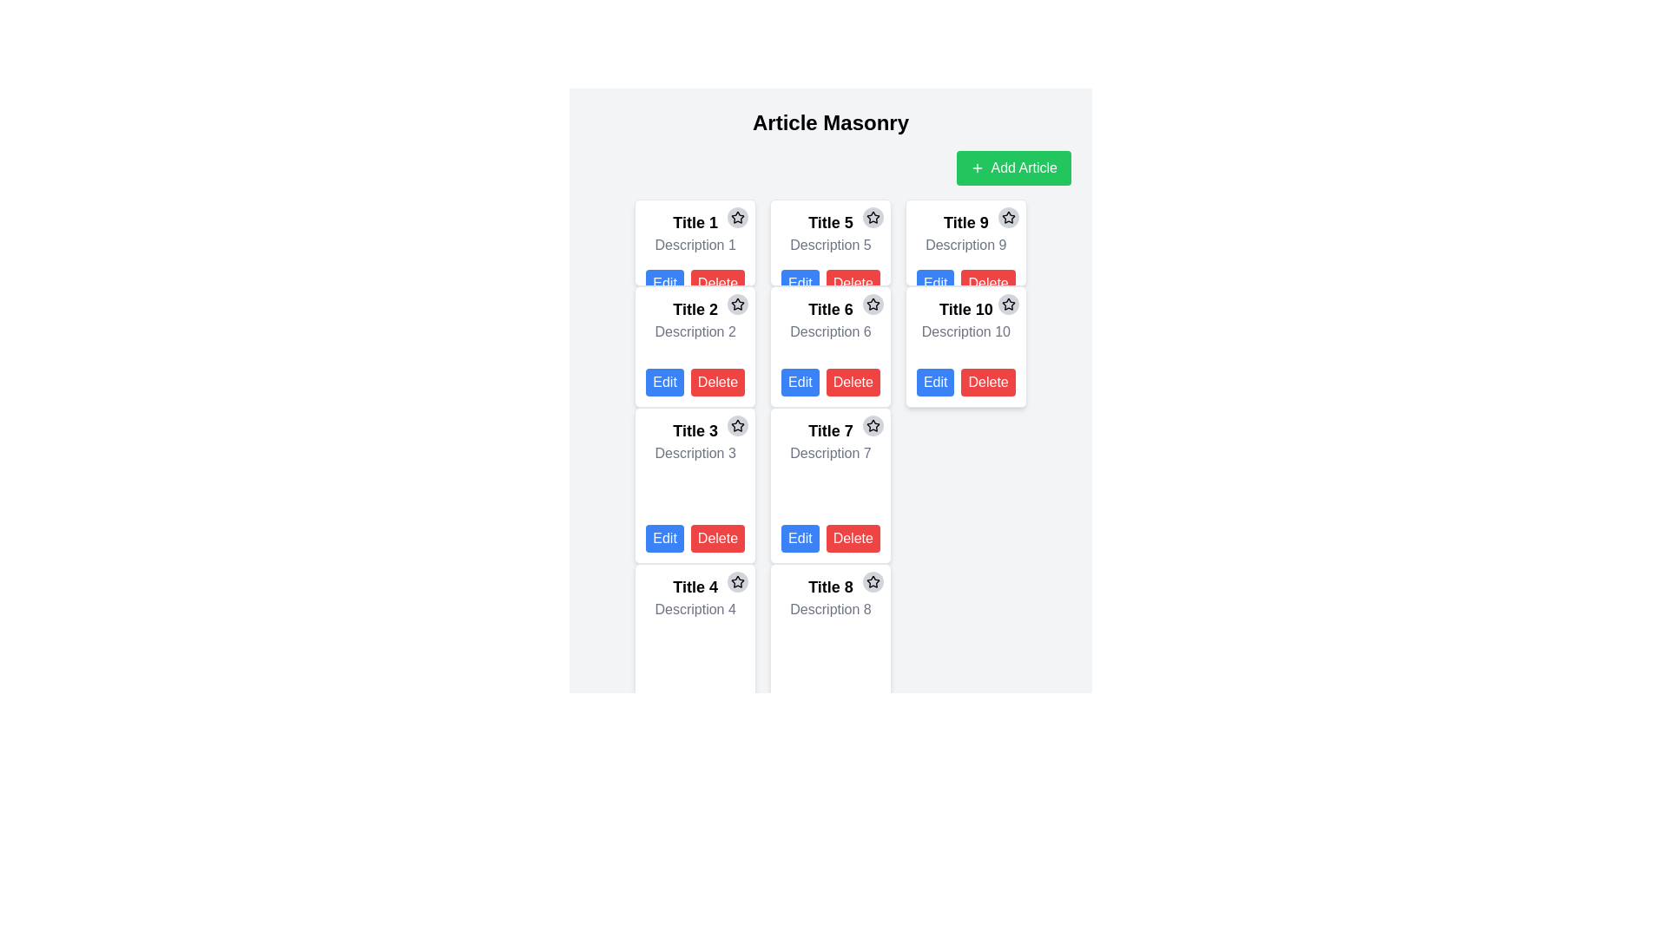  I want to click on the circular icon with a gray background and black outlined star located at the top-right corner of the card titled 'Title 5', so click(873, 216).